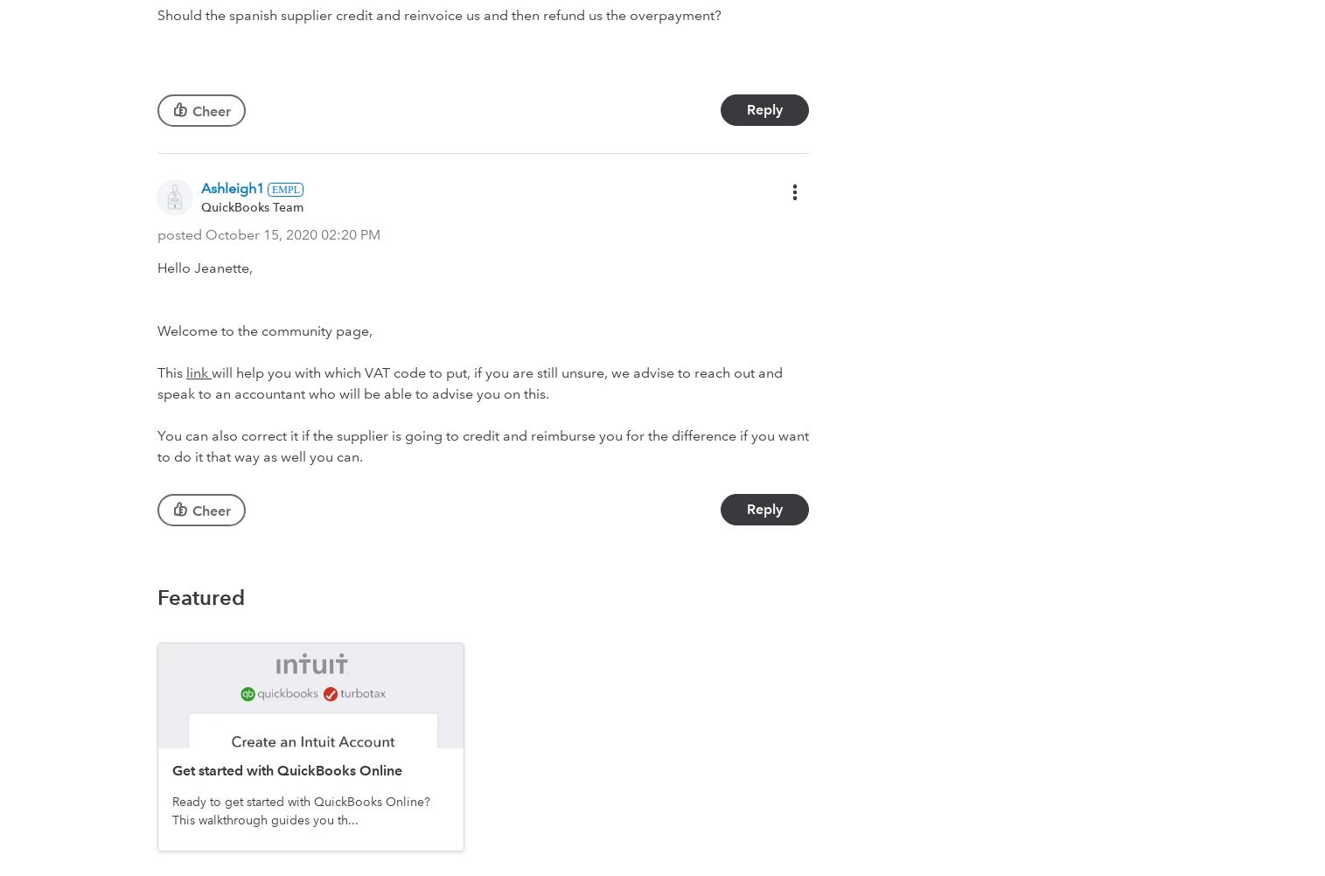 This screenshot has width=1325, height=876. Describe the element at coordinates (262, 233) in the screenshot. I see `'‎October 15, 2020'` at that location.